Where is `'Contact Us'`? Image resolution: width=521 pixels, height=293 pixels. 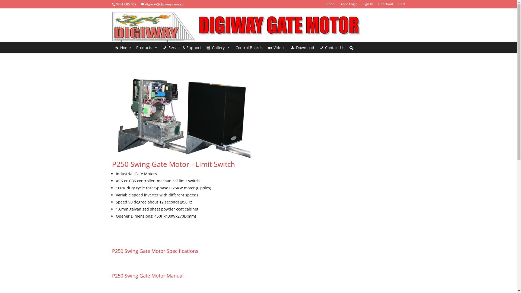 'Contact Us' is located at coordinates (332, 47).